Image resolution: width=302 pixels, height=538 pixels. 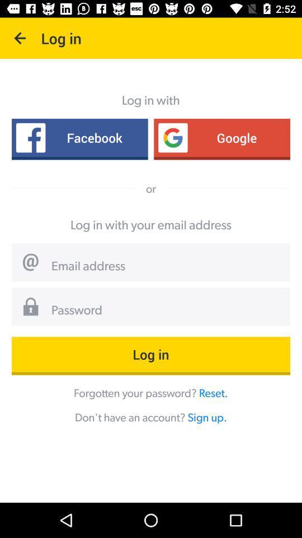 What do you see at coordinates (20, 38) in the screenshot?
I see `the item above the facebook icon` at bounding box center [20, 38].